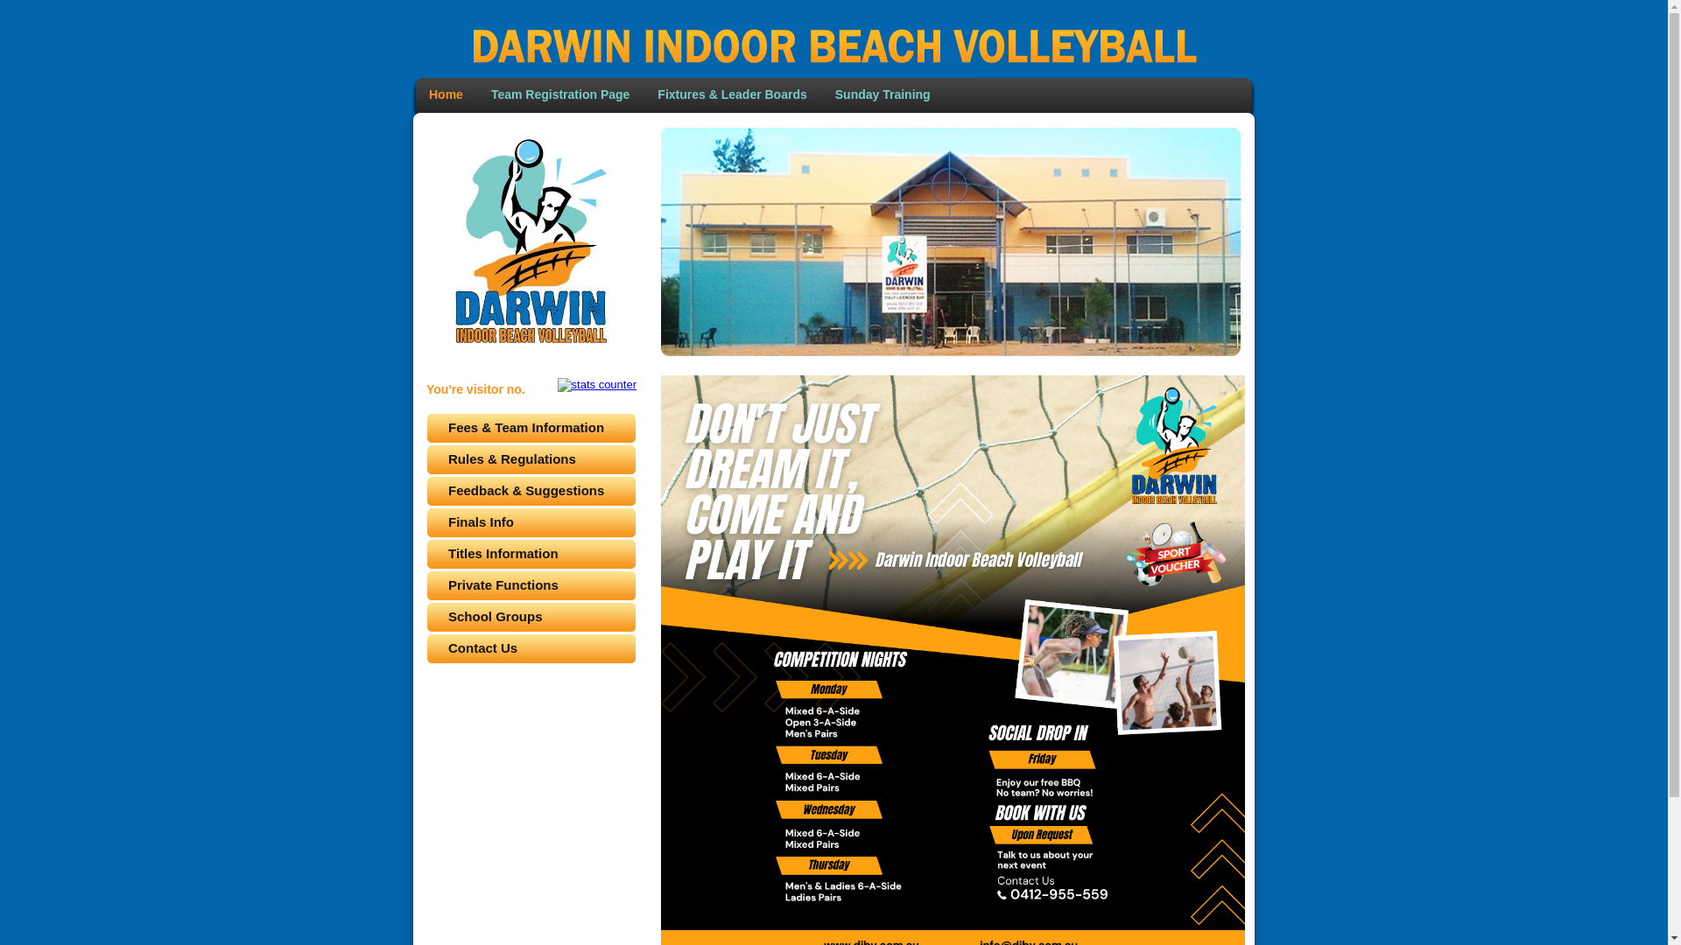 The height and width of the screenshot is (945, 1681). I want to click on 'Home', so click(446, 94).